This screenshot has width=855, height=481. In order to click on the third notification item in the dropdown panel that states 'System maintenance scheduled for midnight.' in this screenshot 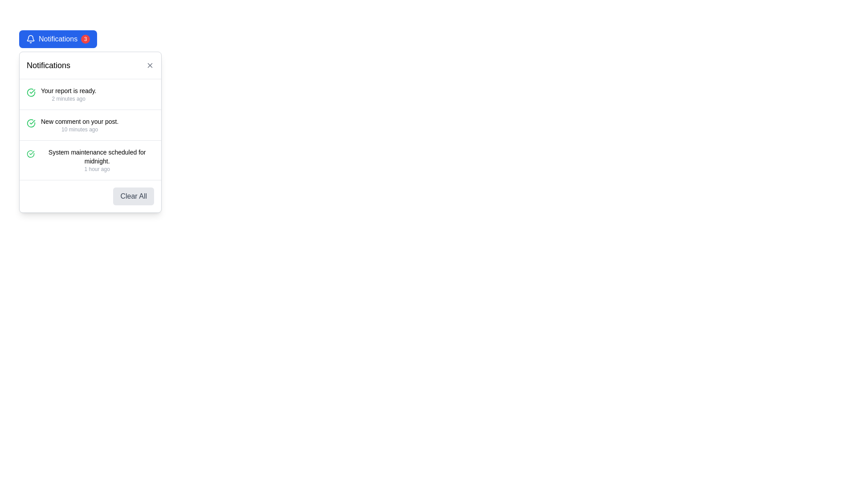, I will do `click(90, 159)`.